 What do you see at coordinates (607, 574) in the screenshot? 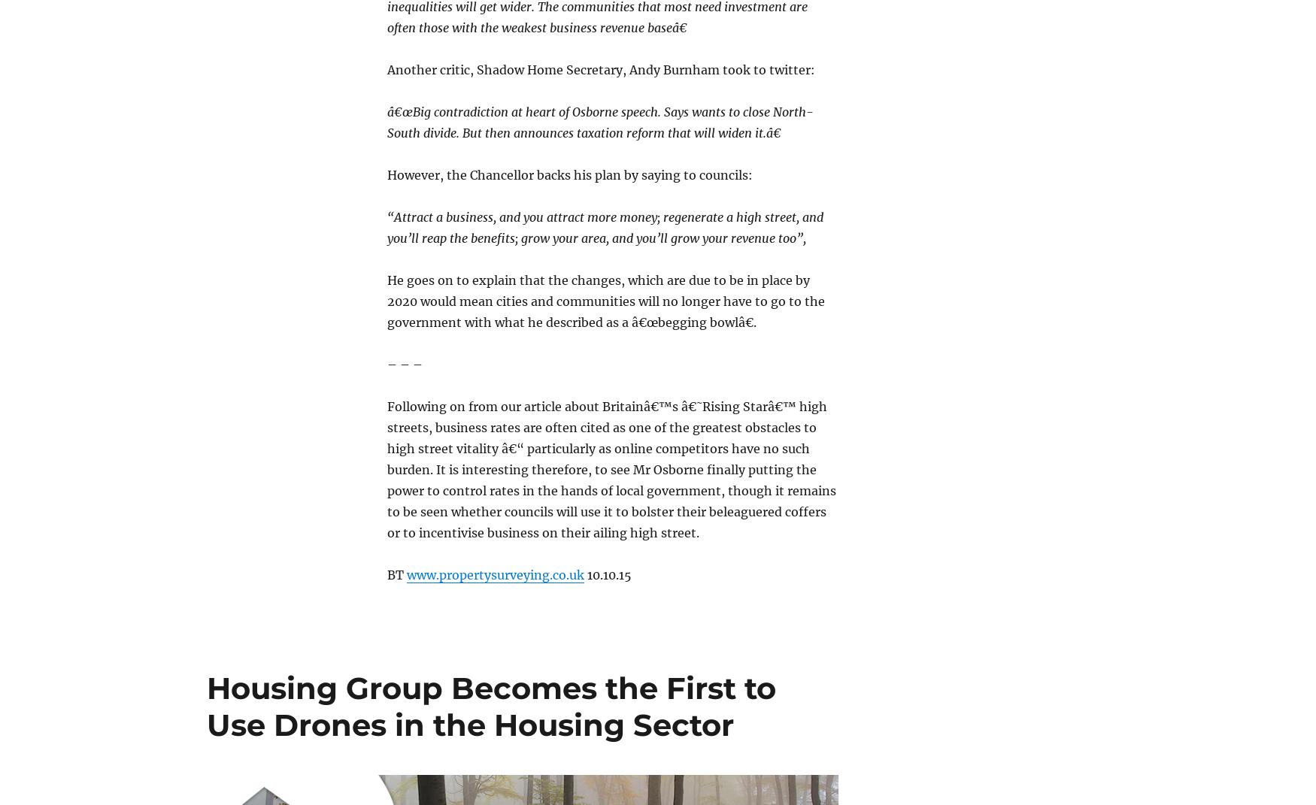
I see `'10.10.15'` at bounding box center [607, 574].